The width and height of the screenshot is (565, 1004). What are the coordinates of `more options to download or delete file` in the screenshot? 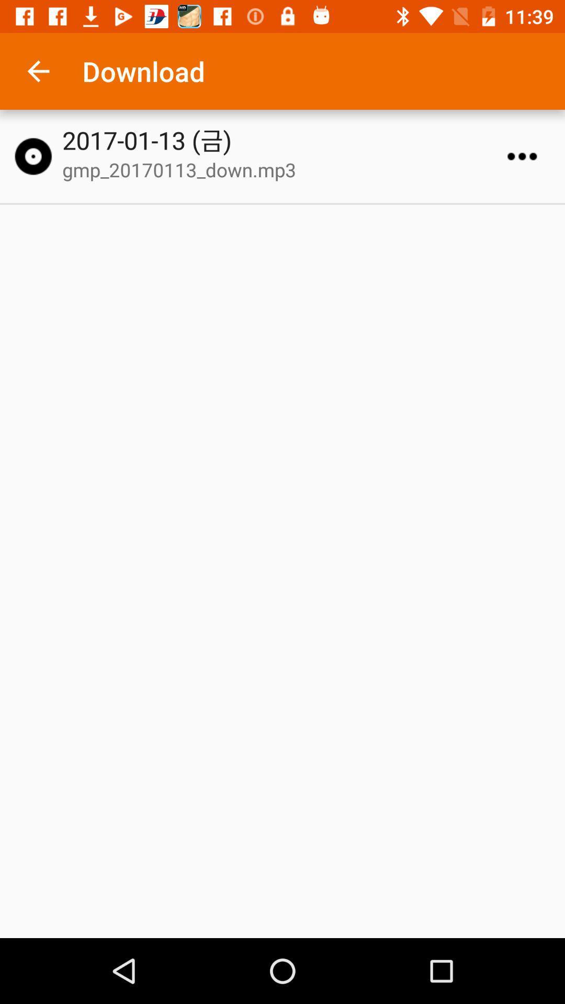 It's located at (522, 156).